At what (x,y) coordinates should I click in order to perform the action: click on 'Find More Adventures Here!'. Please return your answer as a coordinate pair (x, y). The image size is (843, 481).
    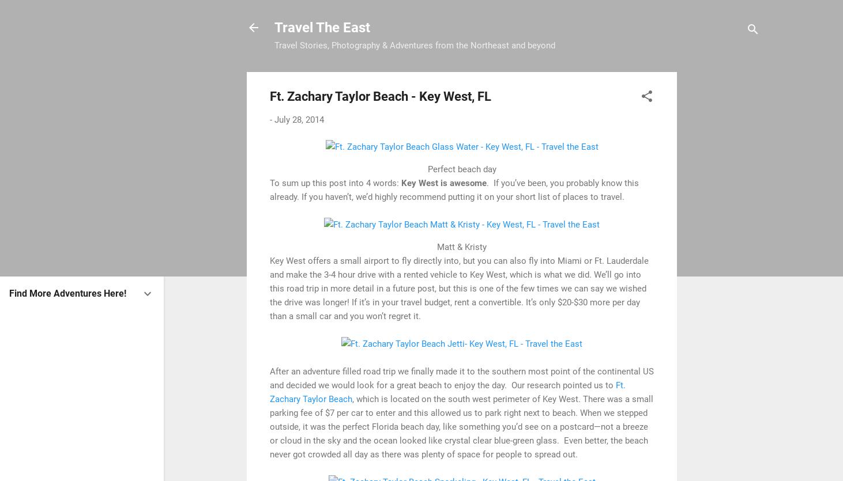
    Looking at the image, I should click on (67, 293).